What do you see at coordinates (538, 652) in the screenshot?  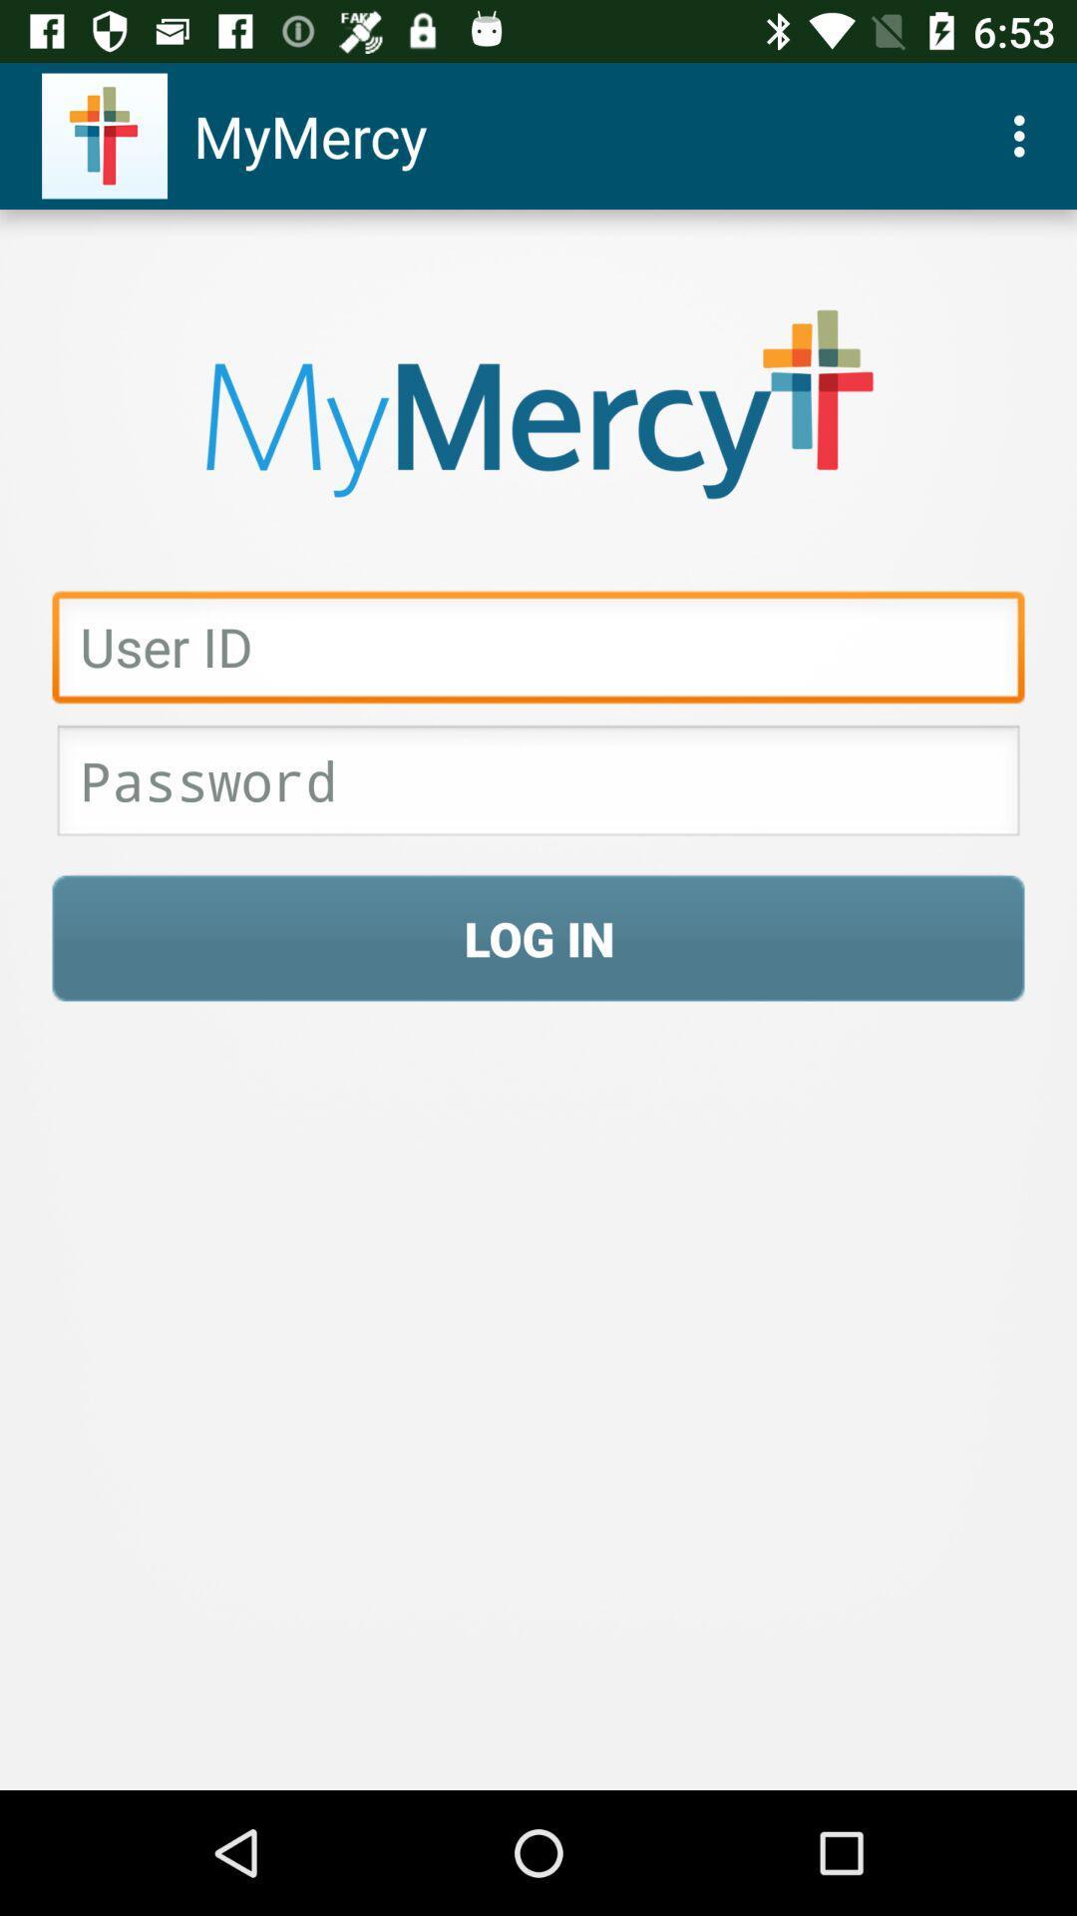 I see `put the id` at bounding box center [538, 652].